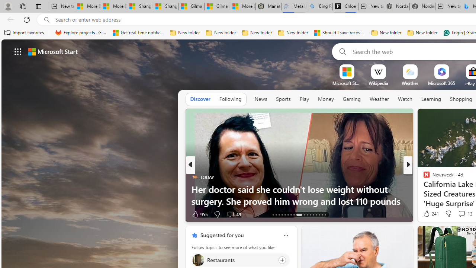  I want to click on 'News', so click(261, 99).